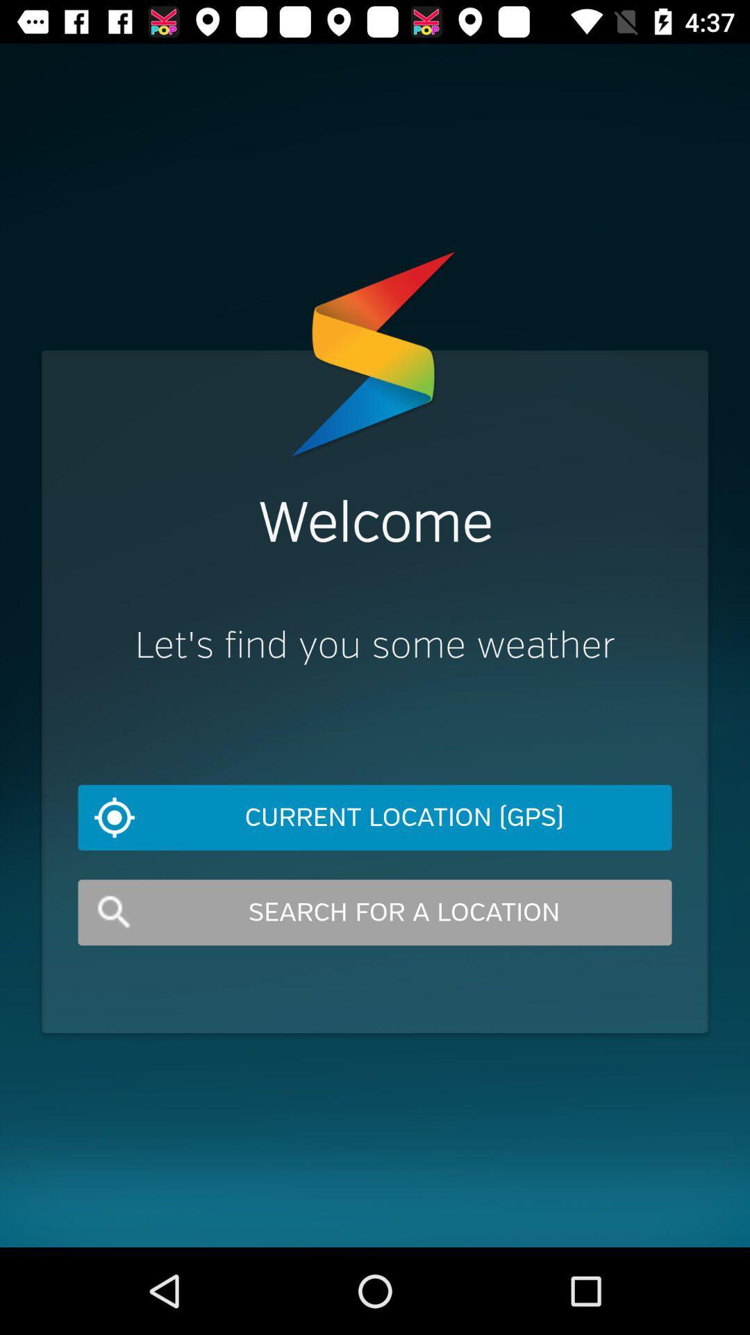  What do you see at coordinates (375, 912) in the screenshot?
I see `item below the current location (gps) icon` at bounding box center [375, 912].